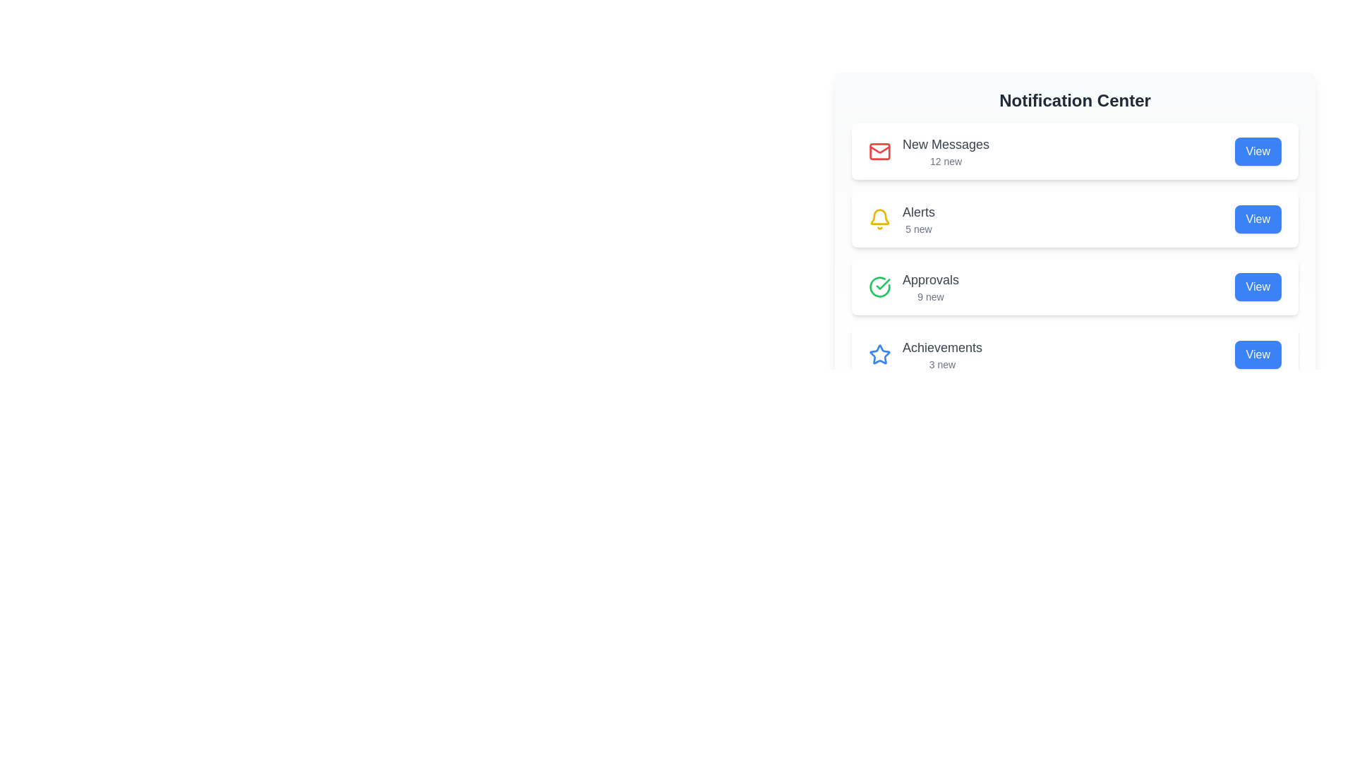 The image size is (1355, 762). What do you see at coordinates (942, 348) in the screenshot?
I see `the title text element located in the bottom list item of the notification list, which is positioned to the right of a blue star icon and above the smaller text '3 new'` at bounding box center [942, 348].